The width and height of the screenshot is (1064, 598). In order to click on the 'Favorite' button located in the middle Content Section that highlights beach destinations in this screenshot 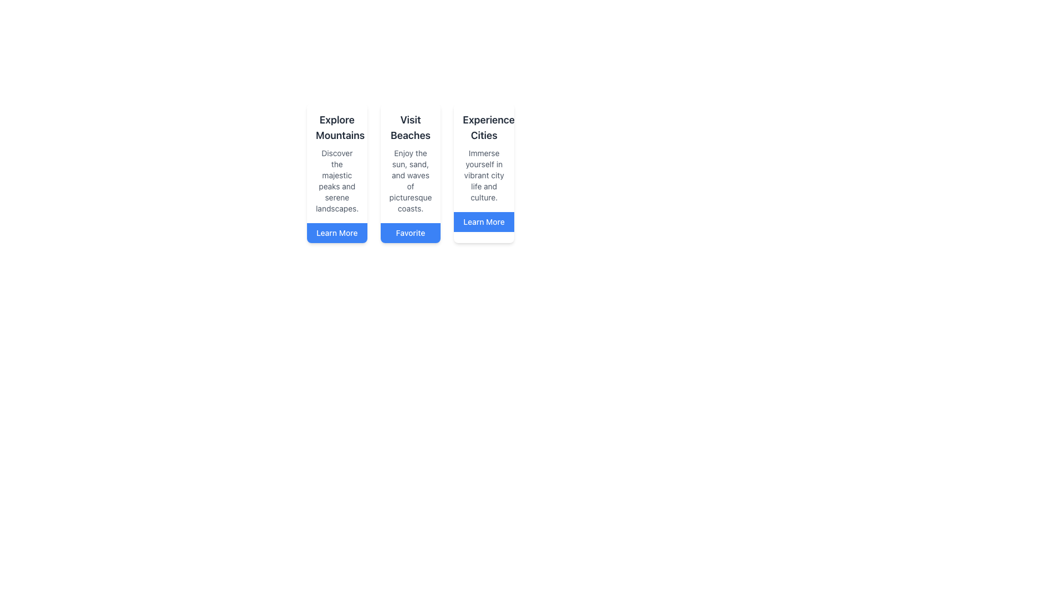, I will do `click(410, 173)`.